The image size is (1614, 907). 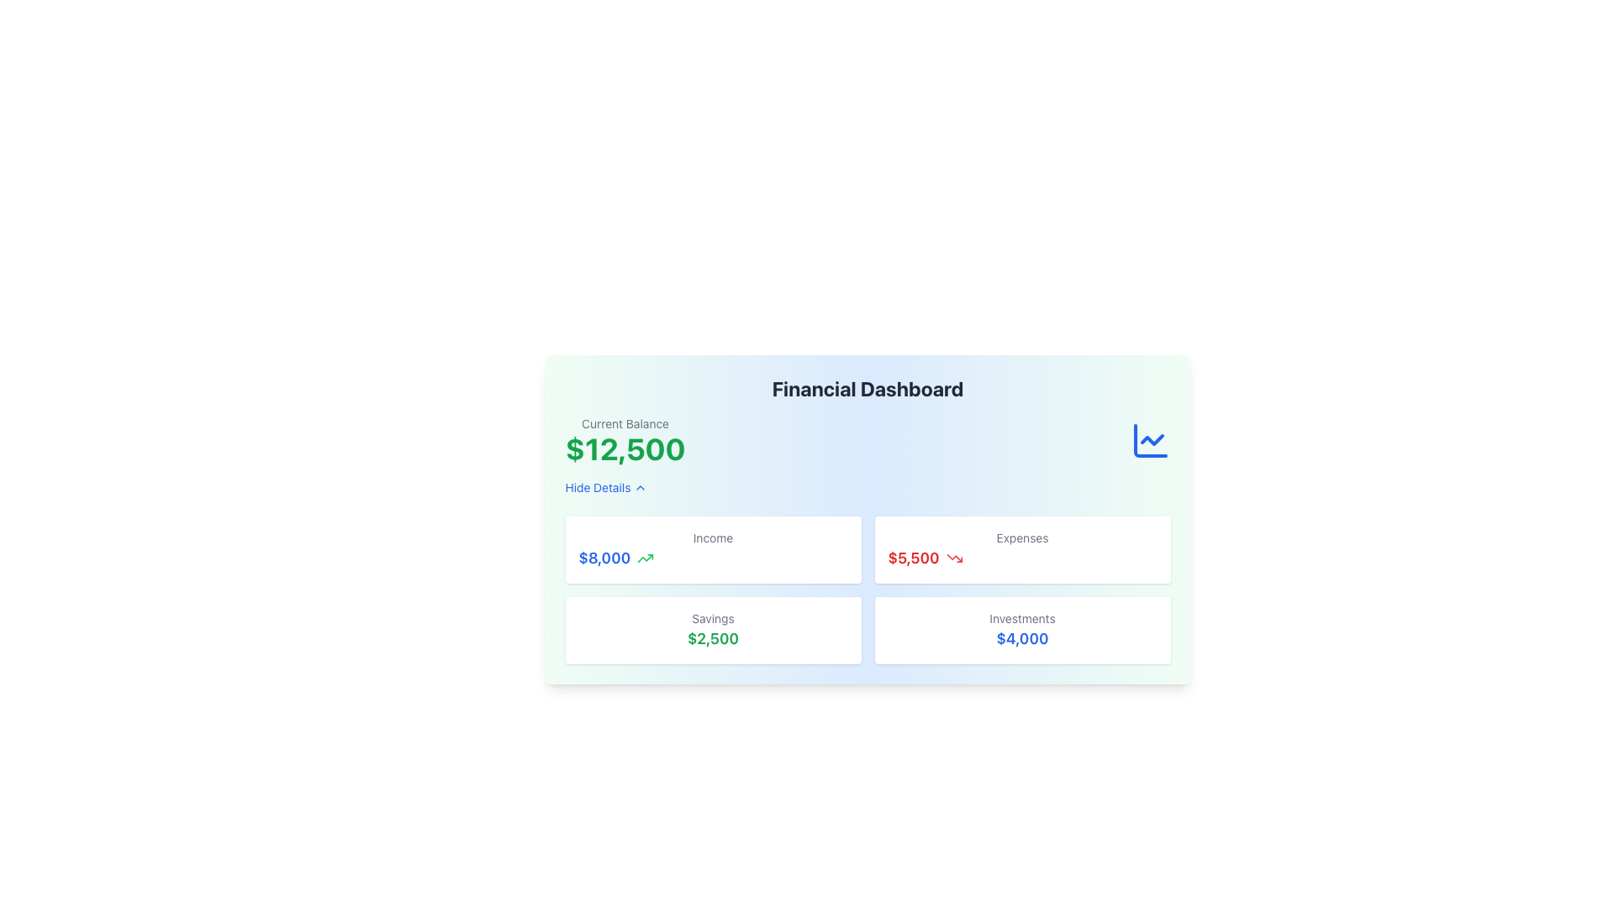 I want to click on the small blue line chart graphical icon located in the top-right corner of the dashboard, adjacent to the title 'Financial Dashboard', so click(x=1149, y=439).